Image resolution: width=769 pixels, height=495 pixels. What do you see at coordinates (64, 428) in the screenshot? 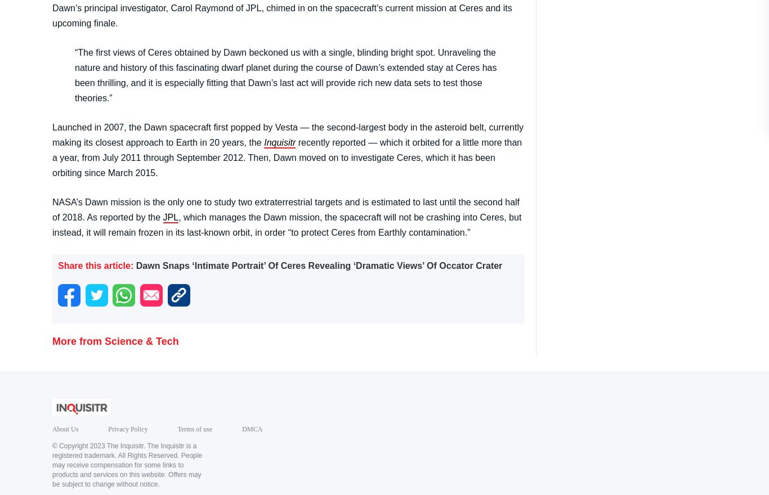
I see `'About Us'` at bounding box center [64, 428].